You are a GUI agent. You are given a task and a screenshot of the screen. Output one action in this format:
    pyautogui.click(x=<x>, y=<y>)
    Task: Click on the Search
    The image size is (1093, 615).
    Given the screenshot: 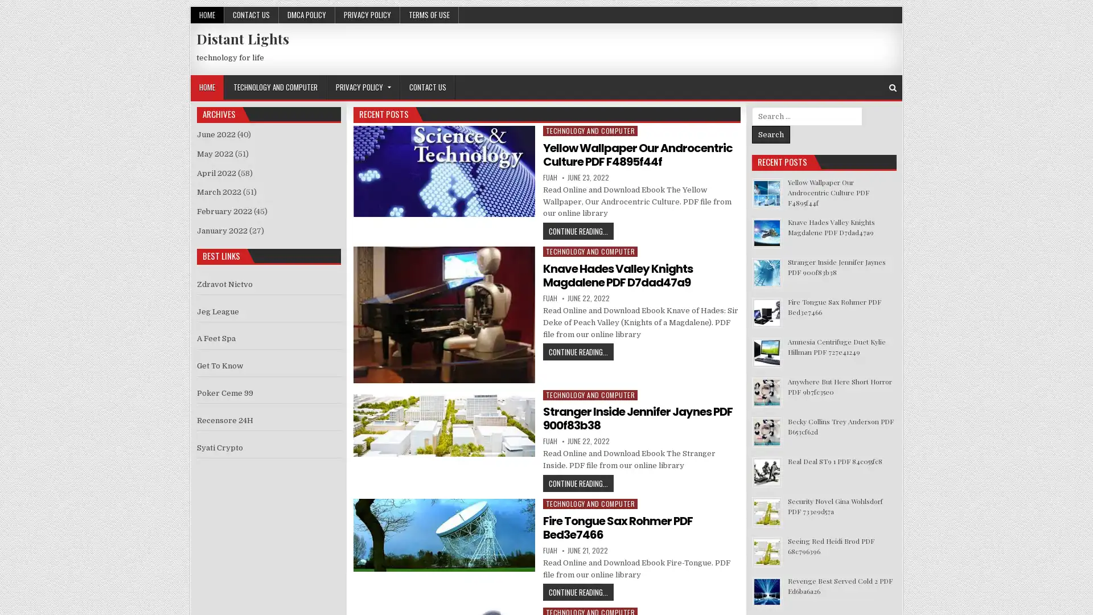 What is the action you would take?
    pyautogui.click(x=771, y=134)
    